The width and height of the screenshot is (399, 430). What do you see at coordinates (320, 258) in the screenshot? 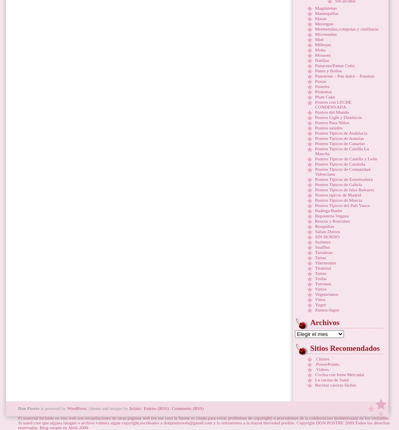
I see `'Tartas'` at bounding box center [320, 258].